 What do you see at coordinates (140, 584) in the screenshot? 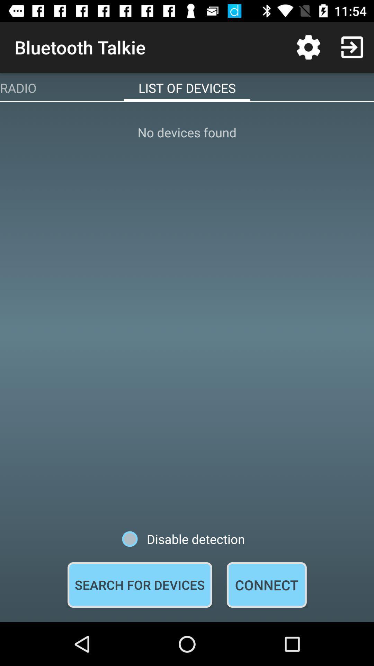
I see `the search for devices icon` at bounding box center [140, 584].